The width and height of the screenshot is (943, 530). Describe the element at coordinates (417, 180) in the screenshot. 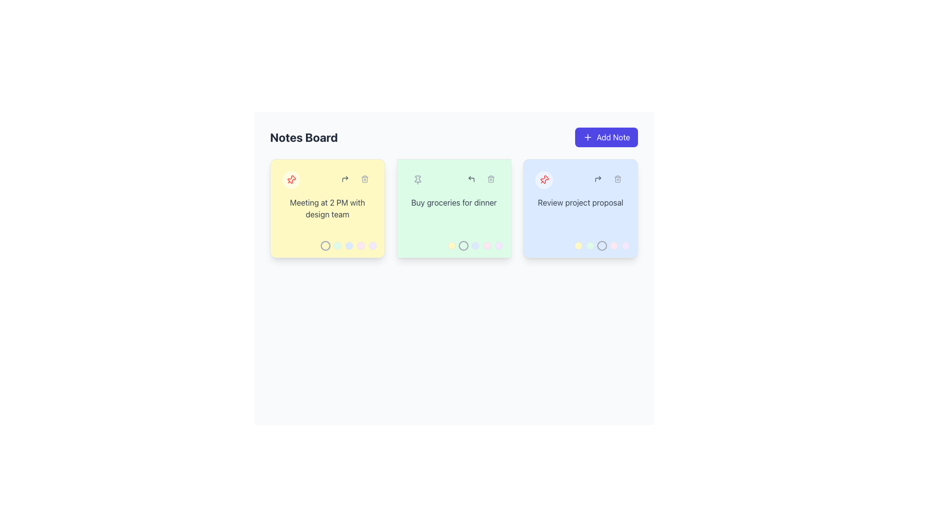

I see `the pin icon button located at the top-left corner of the green notecard labeled 'Buy groceries for dinner'` at that location.